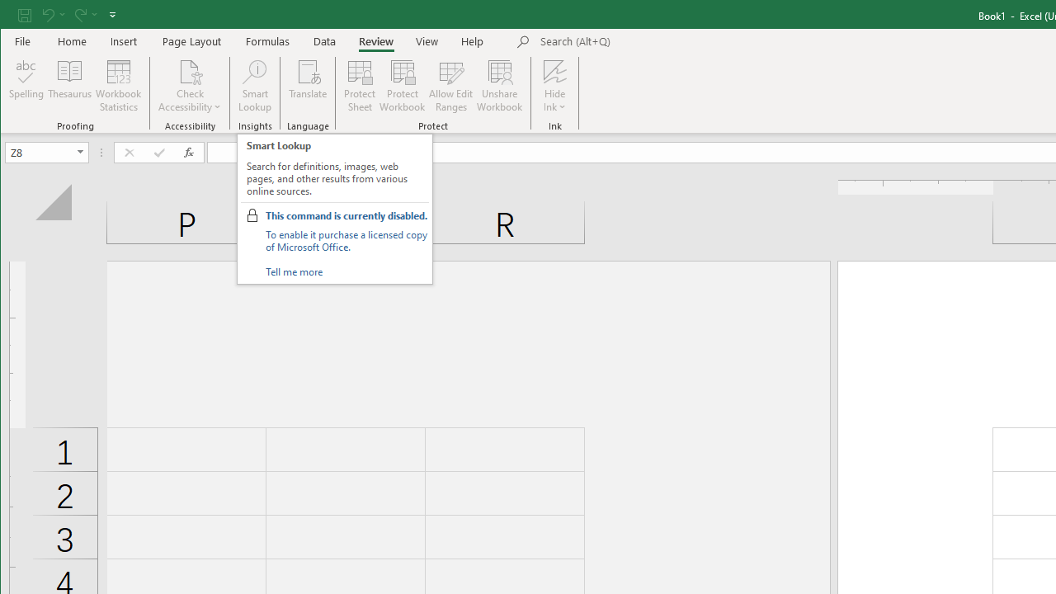  I want to click on 'Quick Access Toolbar', so click(68, 15).